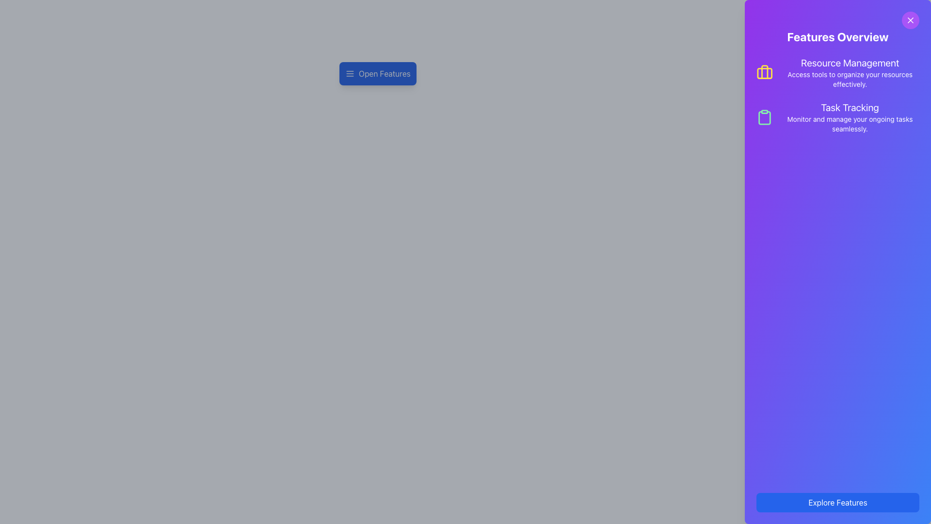 The image size is (931, 524). I want to click on the second List Item with Icon and Text representing Task Tracking located below the Resource Management item in a purple gradient panel, so click(837, 117).